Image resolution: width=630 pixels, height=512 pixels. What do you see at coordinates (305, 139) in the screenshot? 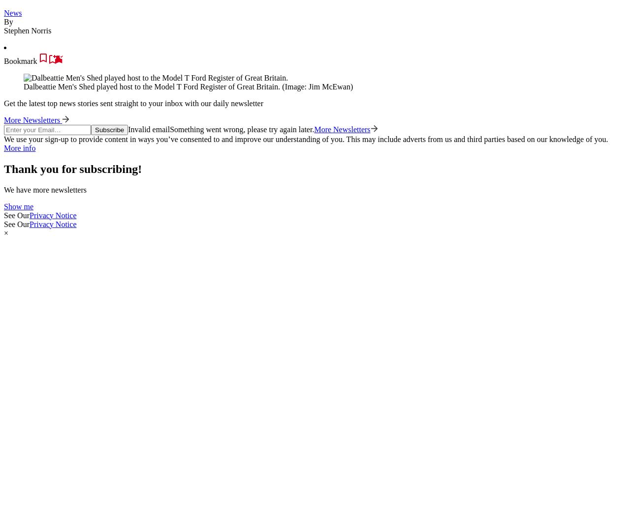
I see `'We use your sign-up to provide content in ways you’ve consented to and improve our understanding of you. This may include adverts from us and third parties based on our knowledge of you.'` at bounding box center [305, 139].